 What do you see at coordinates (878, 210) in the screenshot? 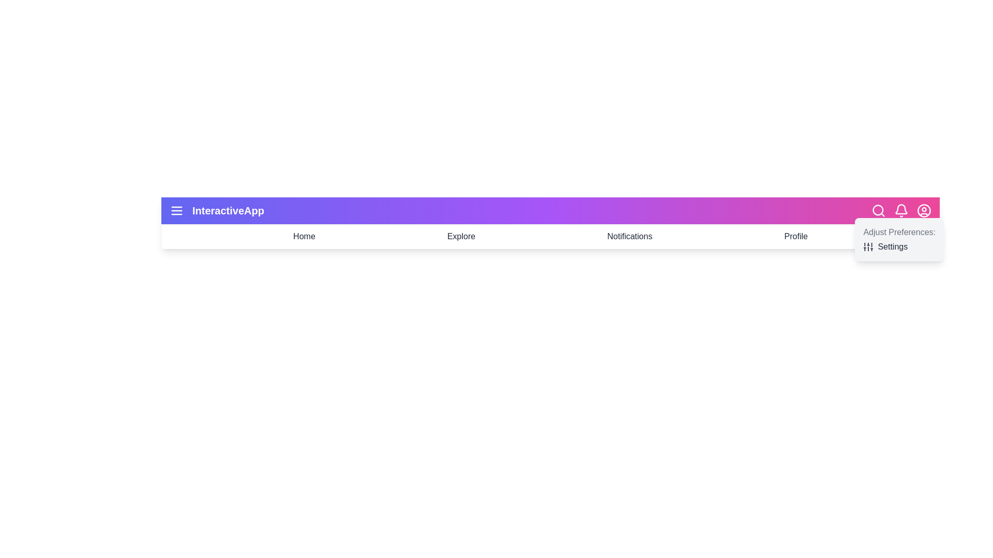
I see `the search icon to open the search functionality` at bounding box center [878, 210].